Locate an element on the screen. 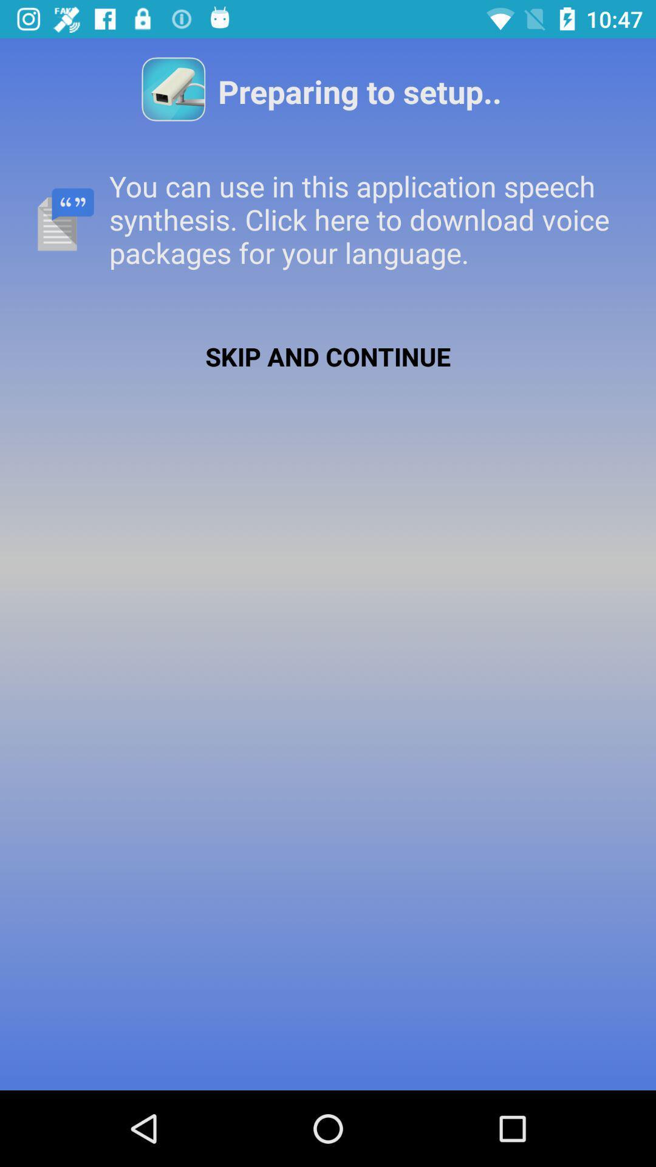  the app below the you can use app is located at coordinates (328, 356).